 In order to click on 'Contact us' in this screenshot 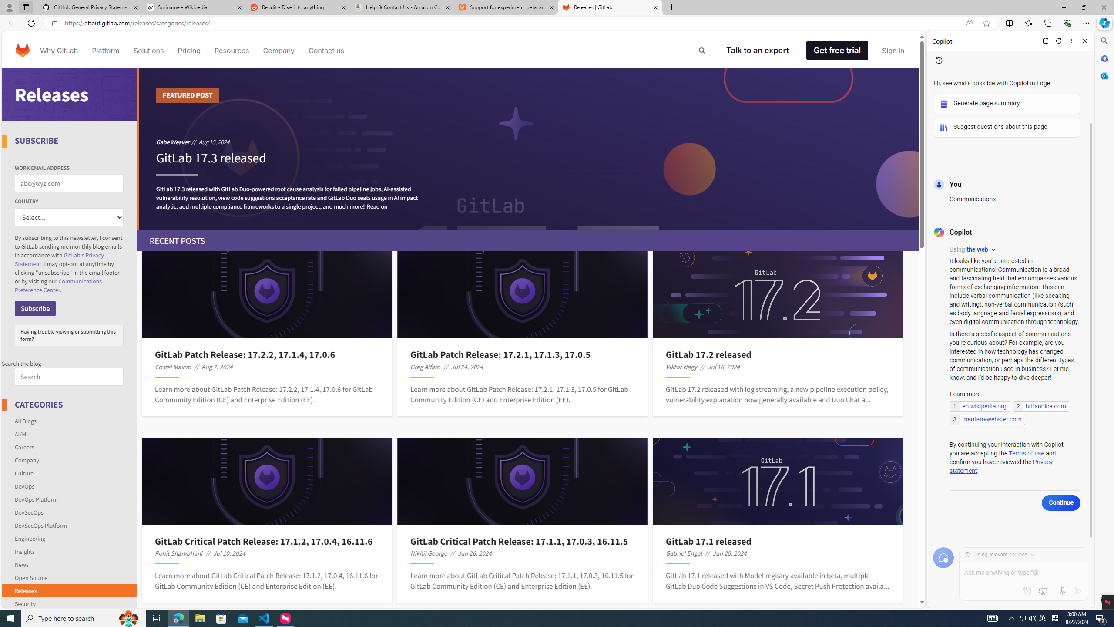, I will do `click(326, 50)`.